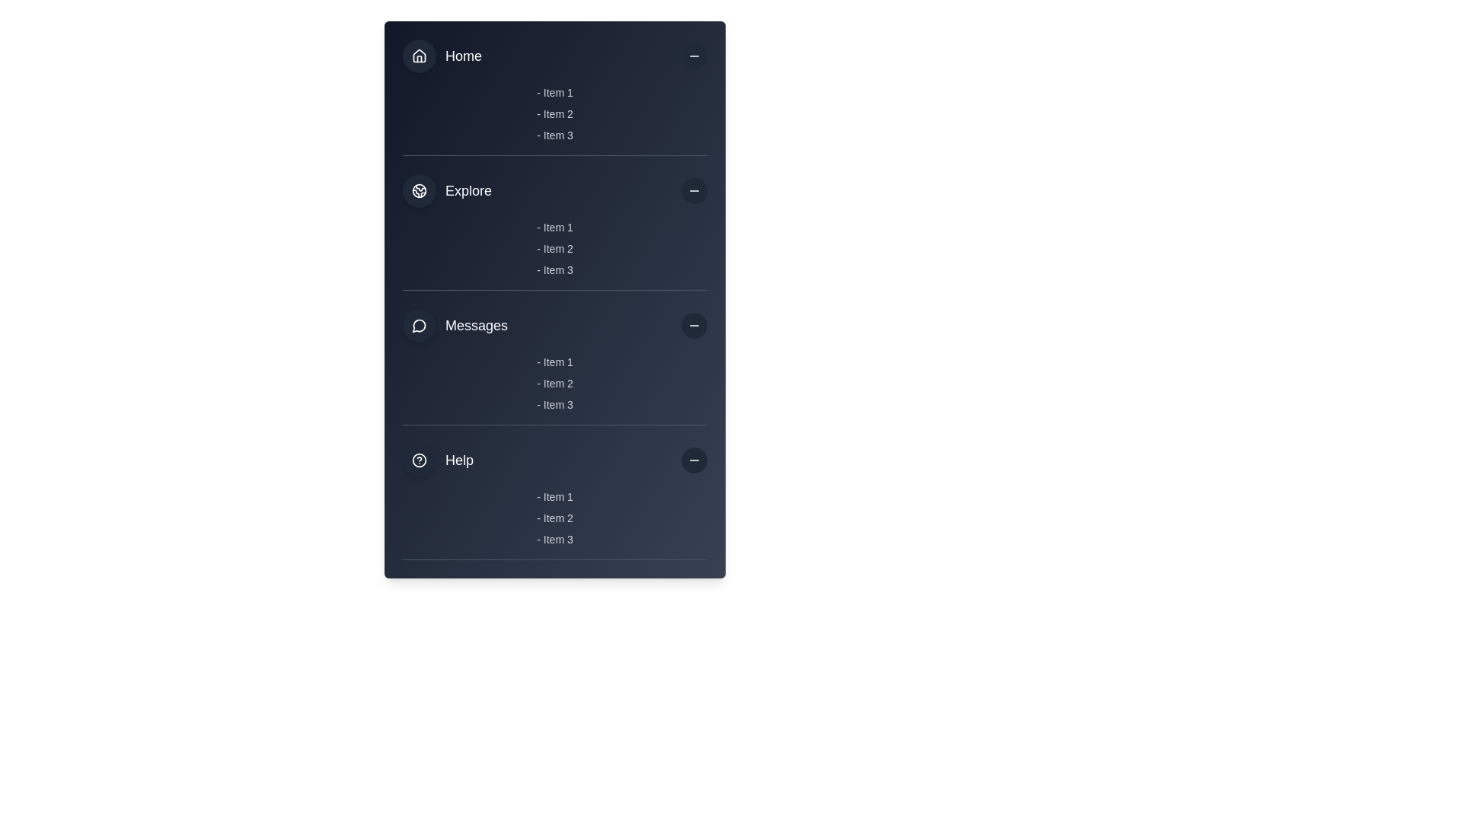 The image size is (1462, 822). Describe the element at coordinates (476, 325) in the screenshot. I see `the 'Messages' text label` at that location.